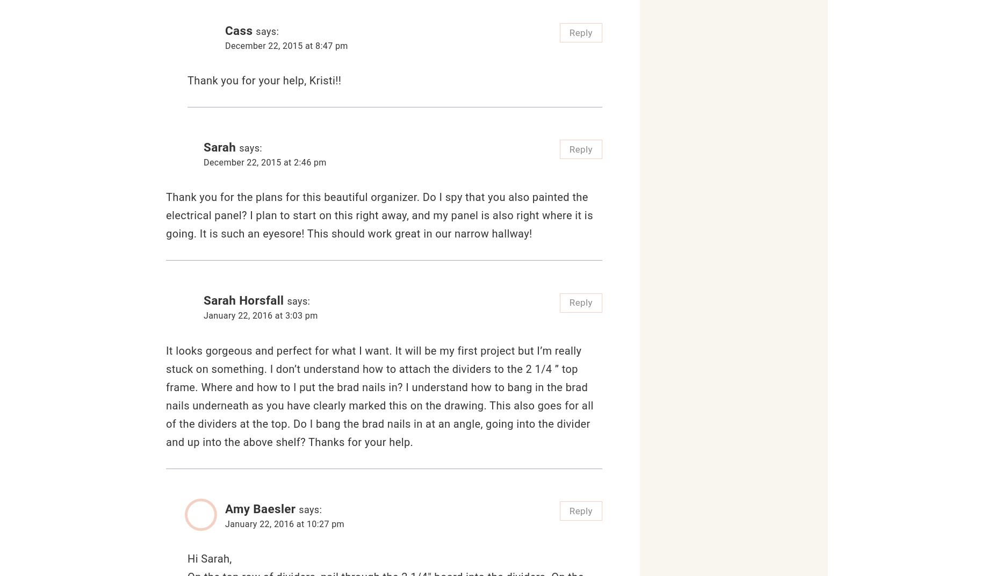  What do you see at coordinates (284, 523) in the screenshot?
I see `'January 22, 2016 at 10:27 pm'` at bounding box center [284, 523].